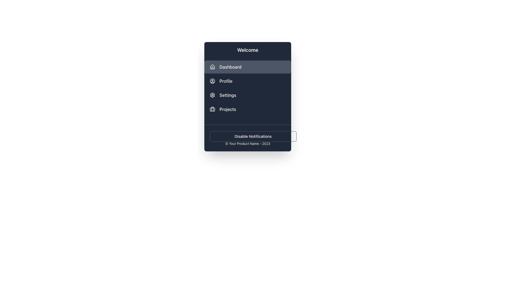 The image size is (521, 293). What do you see at coordinates (247, 95) in the screenshot?
I see `the third button in the vertical navigation menu` at bounding box center [247, 95].